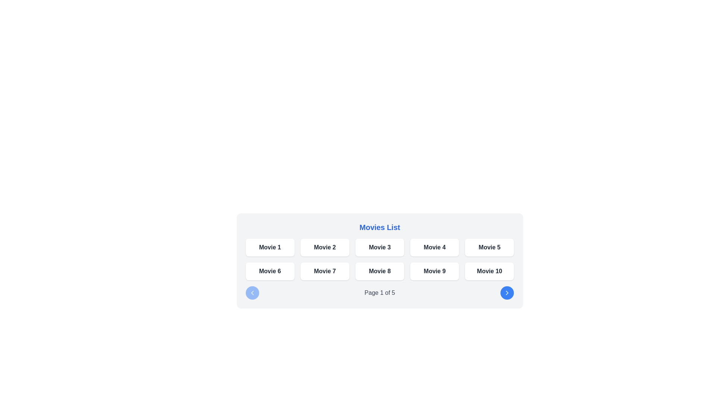  What do you see at coordinates (507, 292) in the screenshot?
I see `the right-pointing chevron icon inside the blue circular button` at bounding box center [507, 292].